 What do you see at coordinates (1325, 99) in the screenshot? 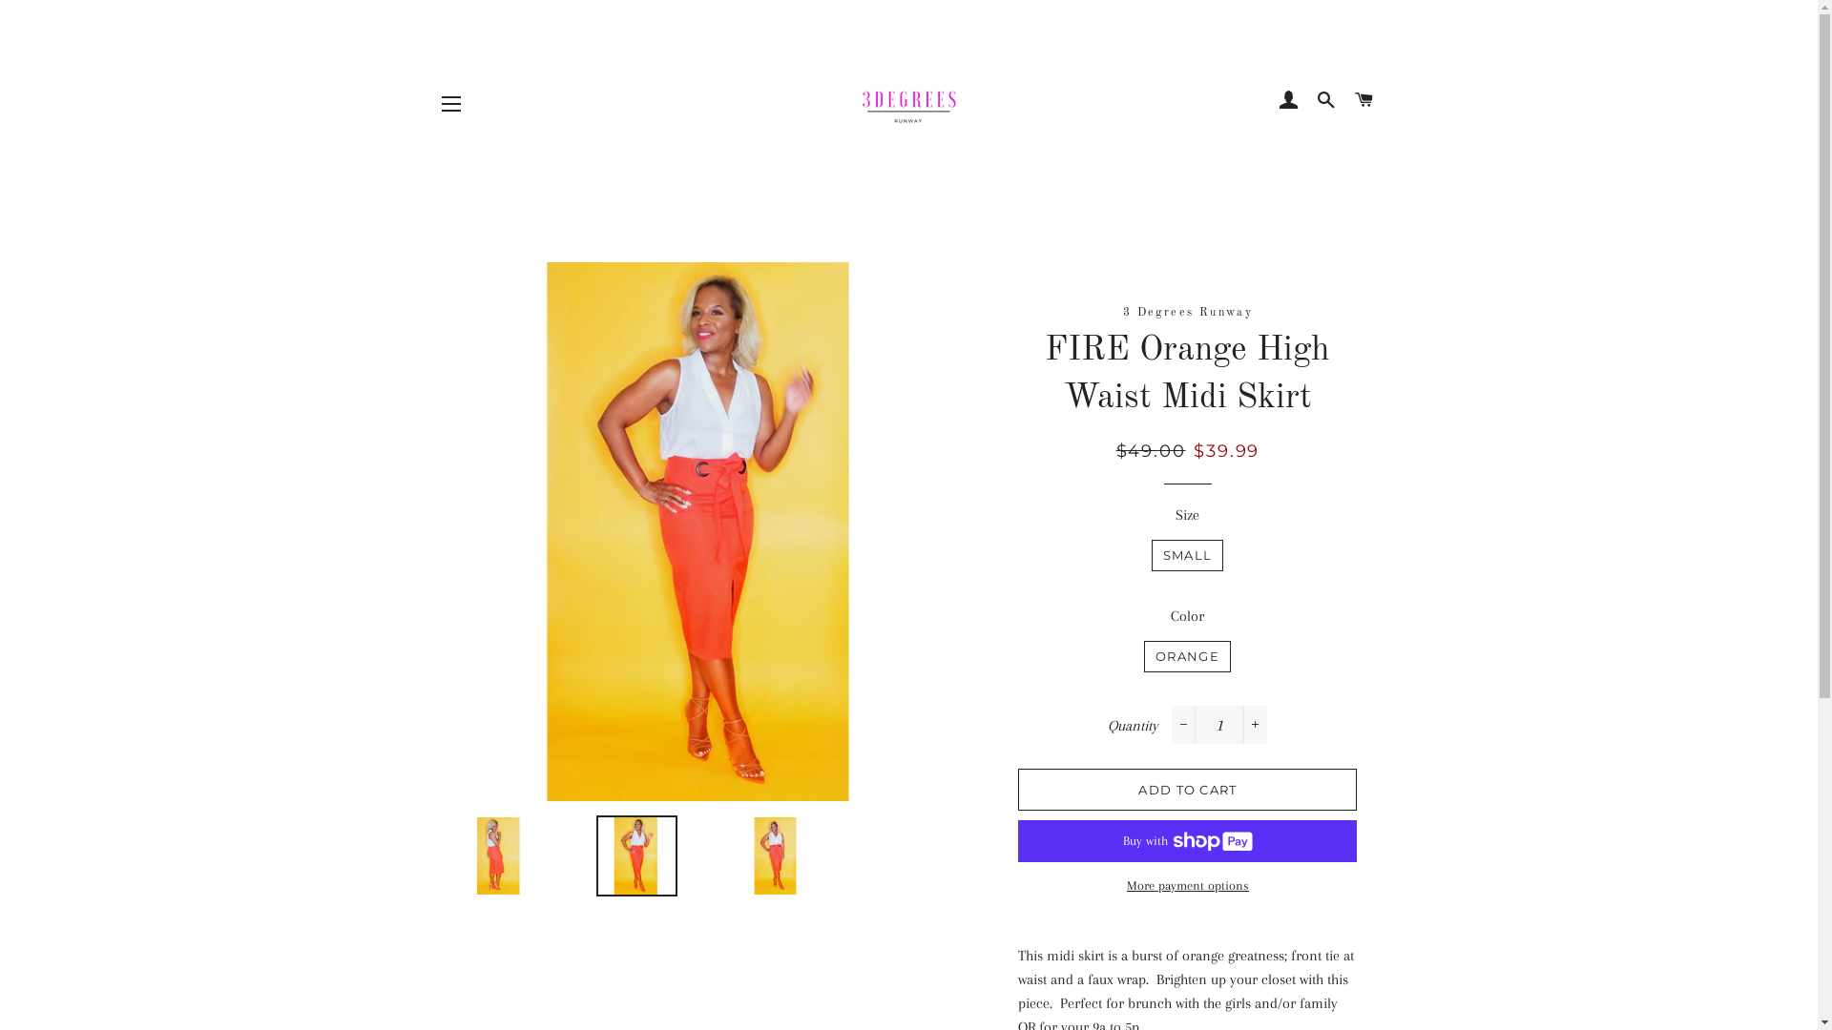
I see `'SEARCH'` at bounding box center [1325, 99].